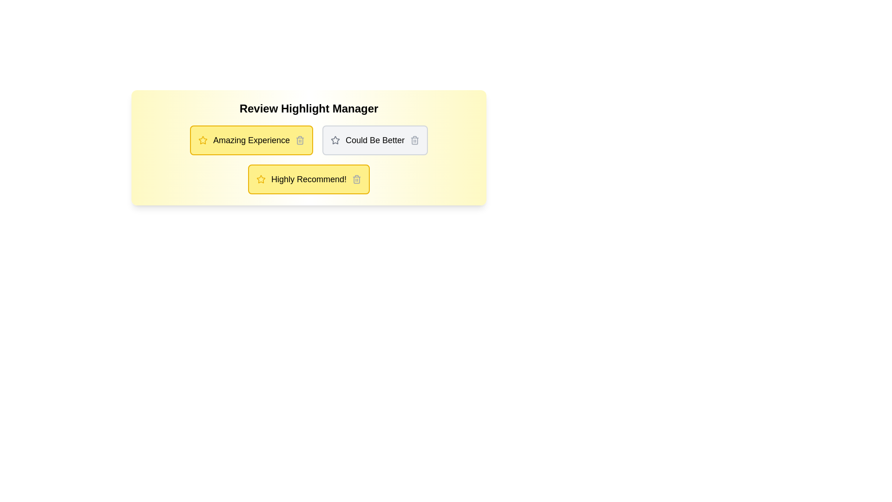 The width and height of the screenshot is (892, 502). Describe the element at coordinates (414, 140) in the screenshot. I see `the trash icon for the review titled Could Be Better` at that location.